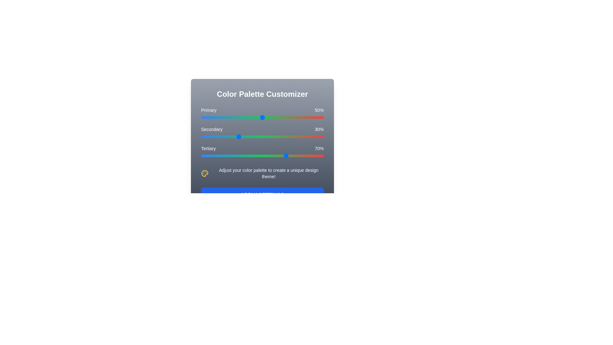 The height and width of the screenshot is (345, 613). What do you see at coordinates (205, 156) in the screenshot?
I see `the tertiary color value` at bounding box center [205, 156].